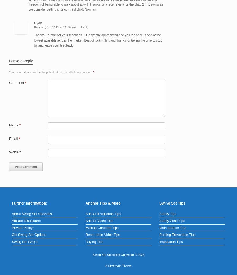 The image size is (237, 275). I want to click on 'SiteOrigin', so click(114, 266).